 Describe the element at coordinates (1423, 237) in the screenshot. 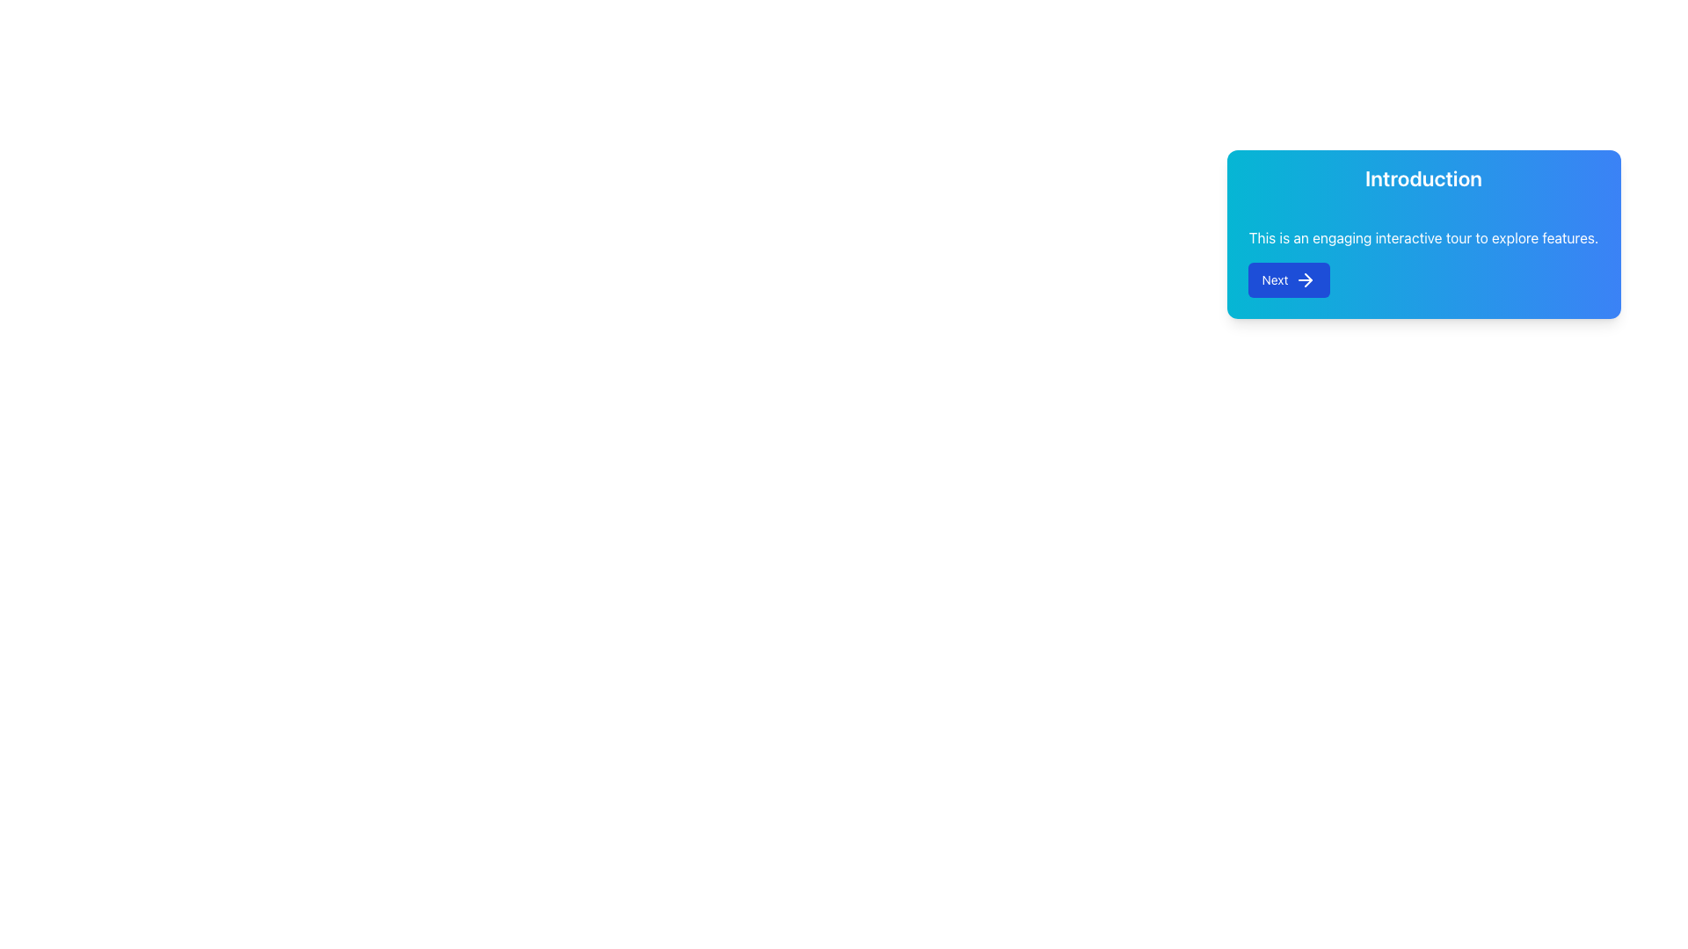

I see `the Static text label that provides context or an introductory message, located directly below the 'Introduction' title and above the 'Next' button` at that location.